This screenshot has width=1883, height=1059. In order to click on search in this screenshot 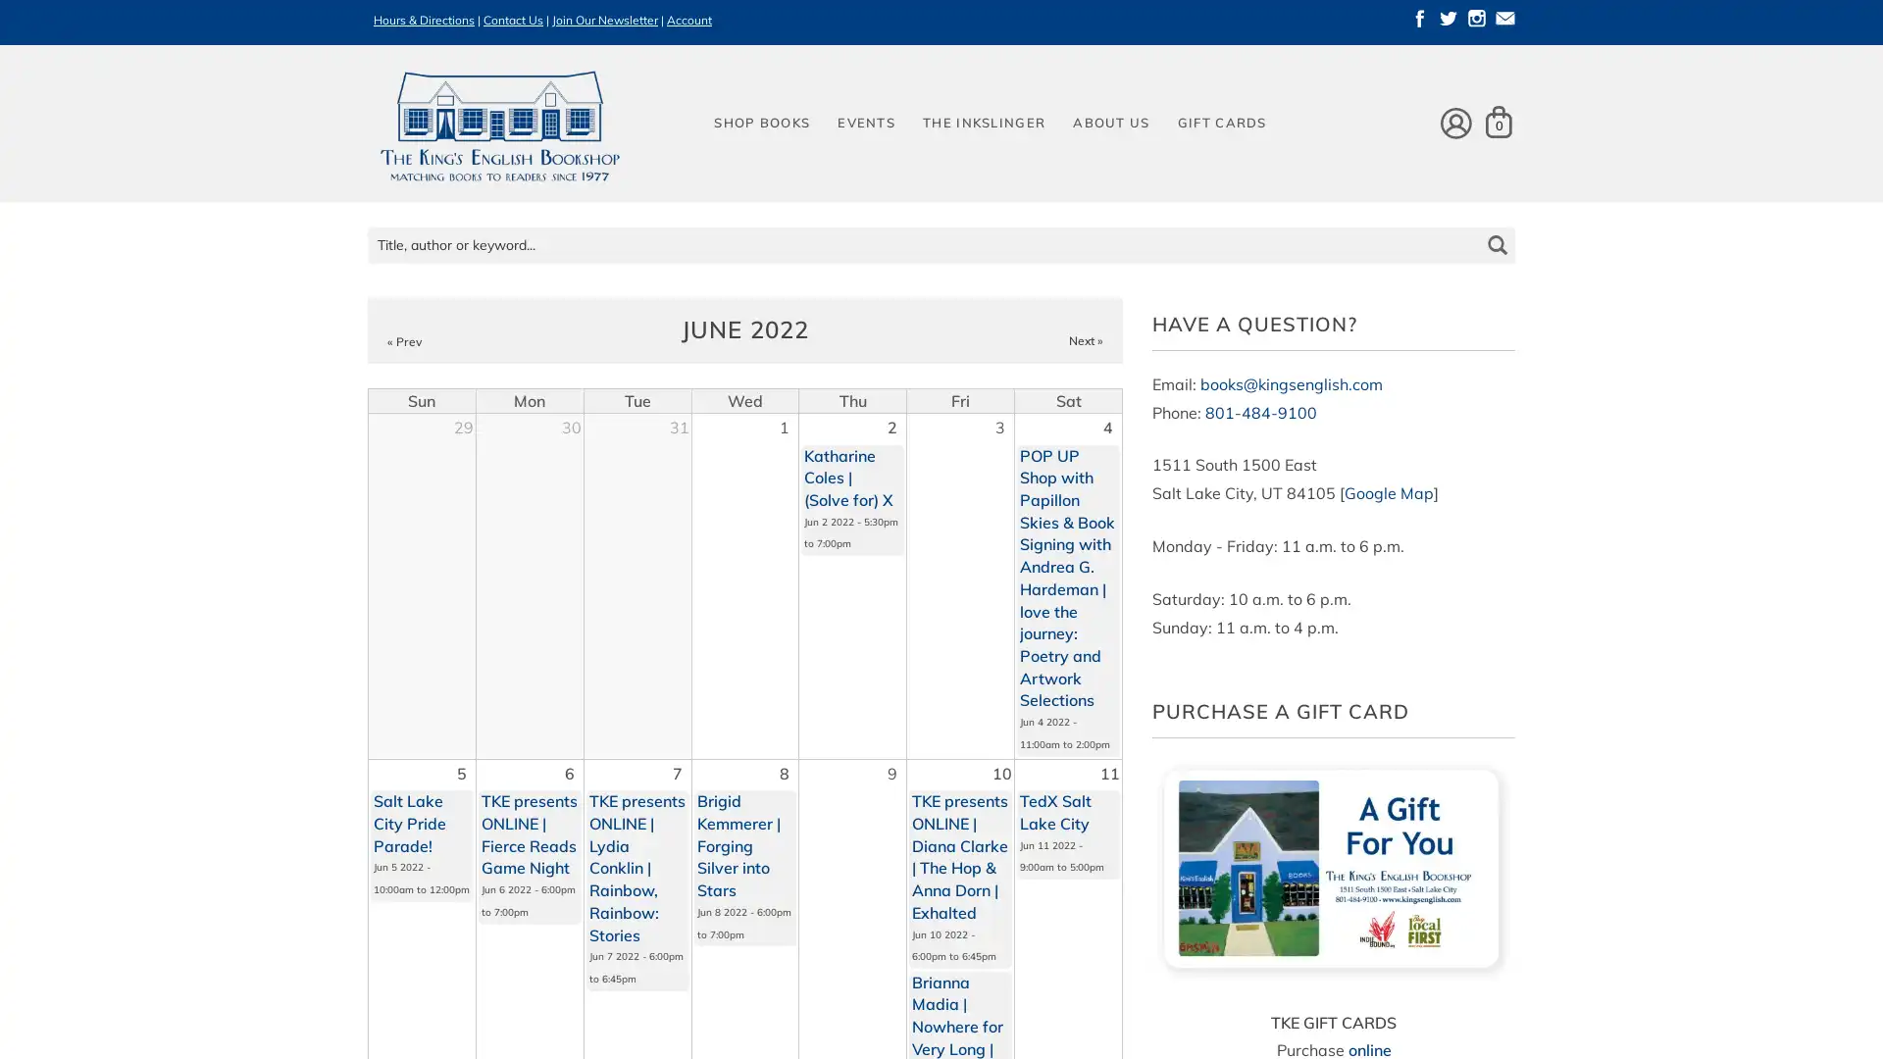, I will do `click(1495, 229)`.